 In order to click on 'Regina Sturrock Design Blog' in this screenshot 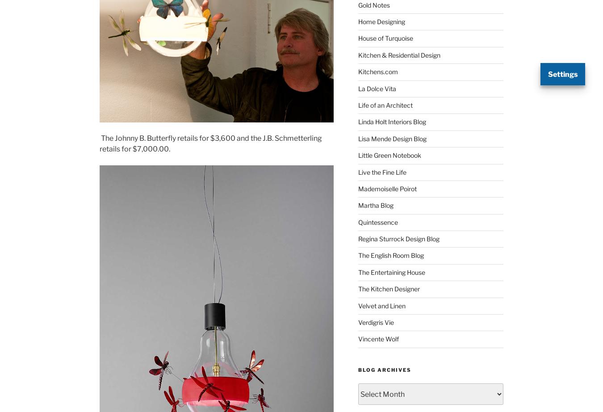, I will do `click(398, 239)`.